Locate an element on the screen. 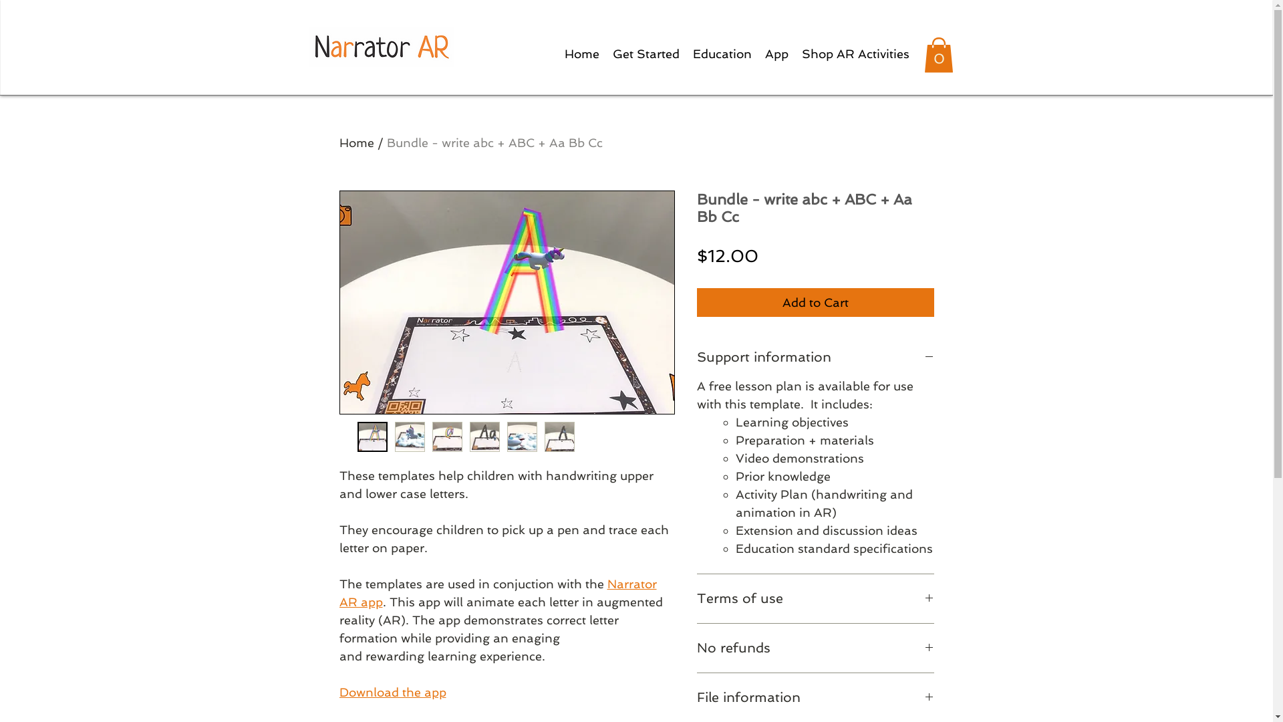 The width and height of the screenshot is (1283, 722). '0' is located at coordinates (937, 54).